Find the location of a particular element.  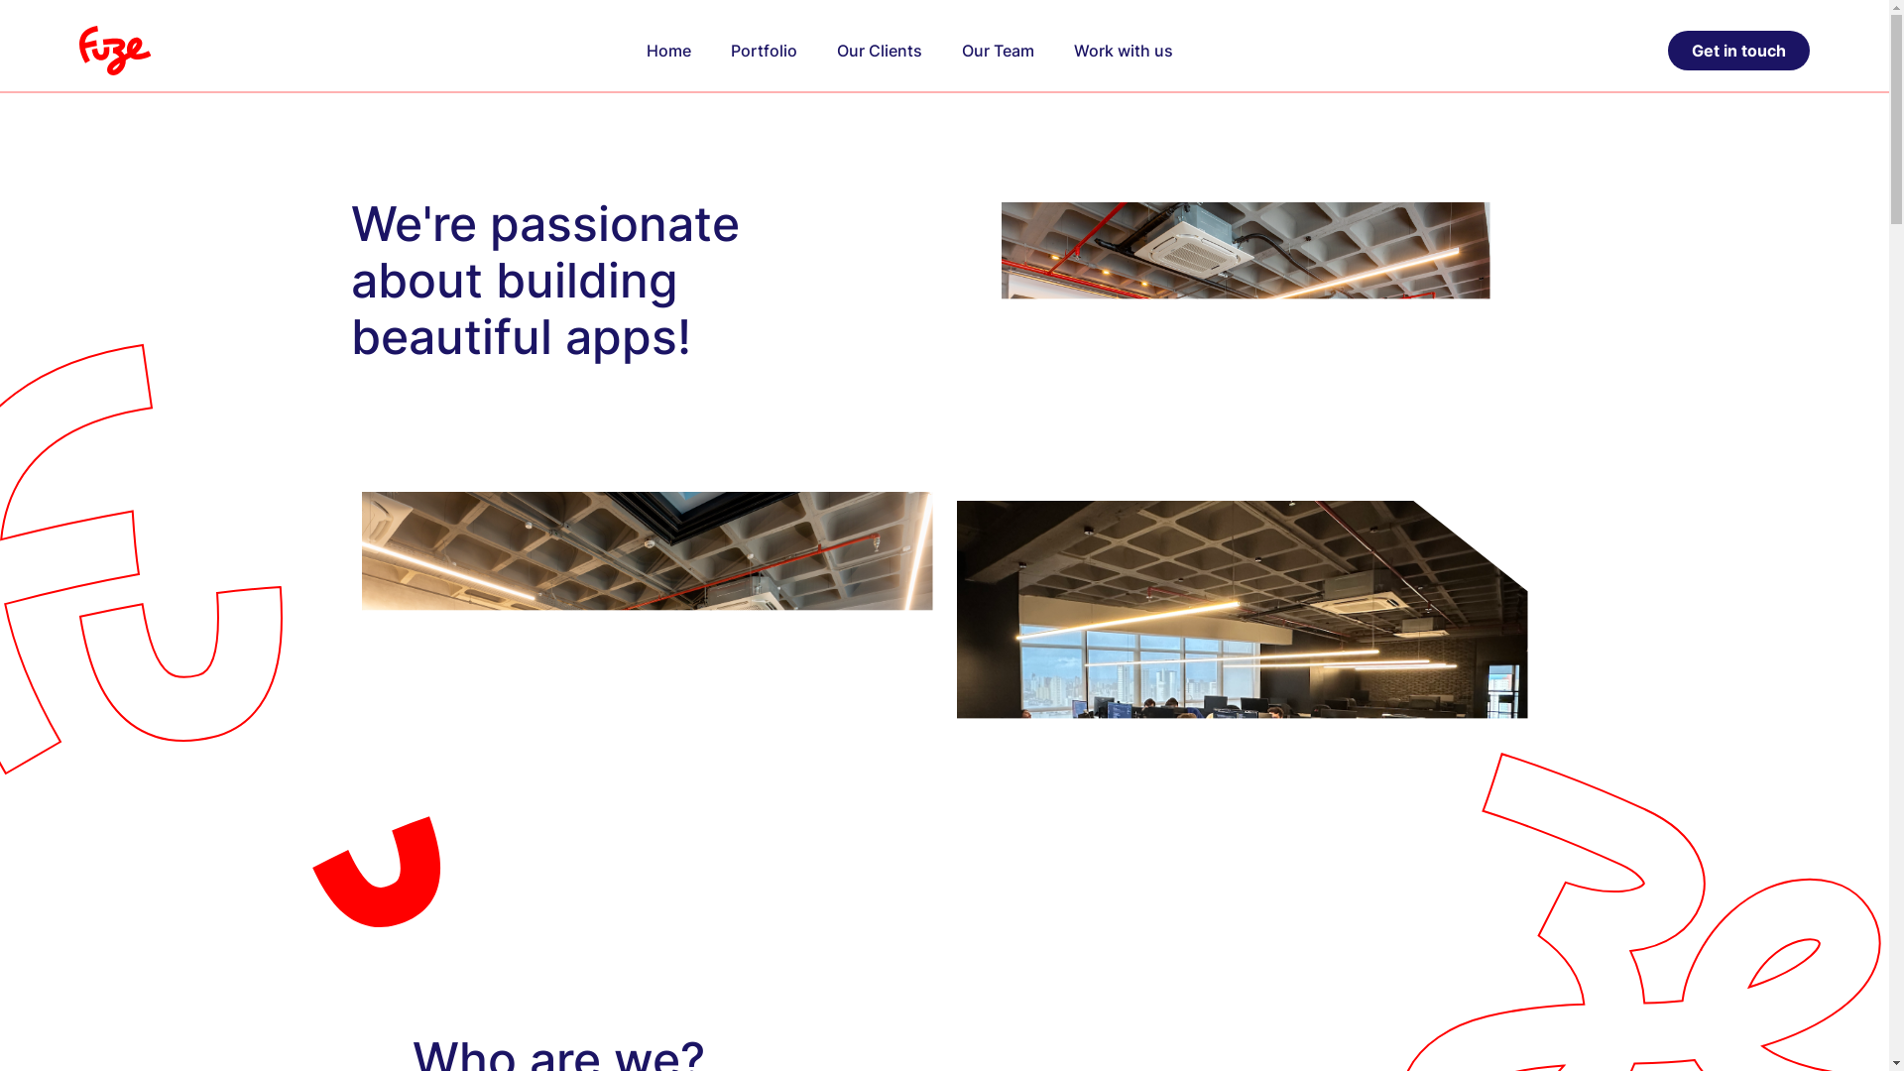

'Get in touch' is located at coordinates (1666, 49).